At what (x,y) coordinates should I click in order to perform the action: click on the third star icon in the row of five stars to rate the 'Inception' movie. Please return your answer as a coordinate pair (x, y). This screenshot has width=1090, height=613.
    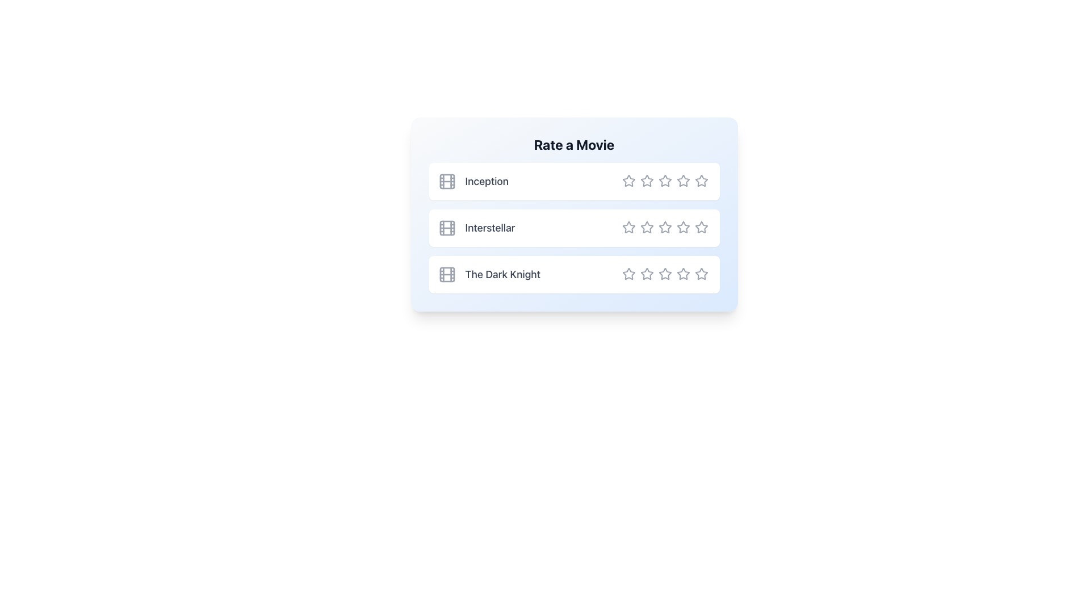
    Looking at the image, I should click on (665, 180).